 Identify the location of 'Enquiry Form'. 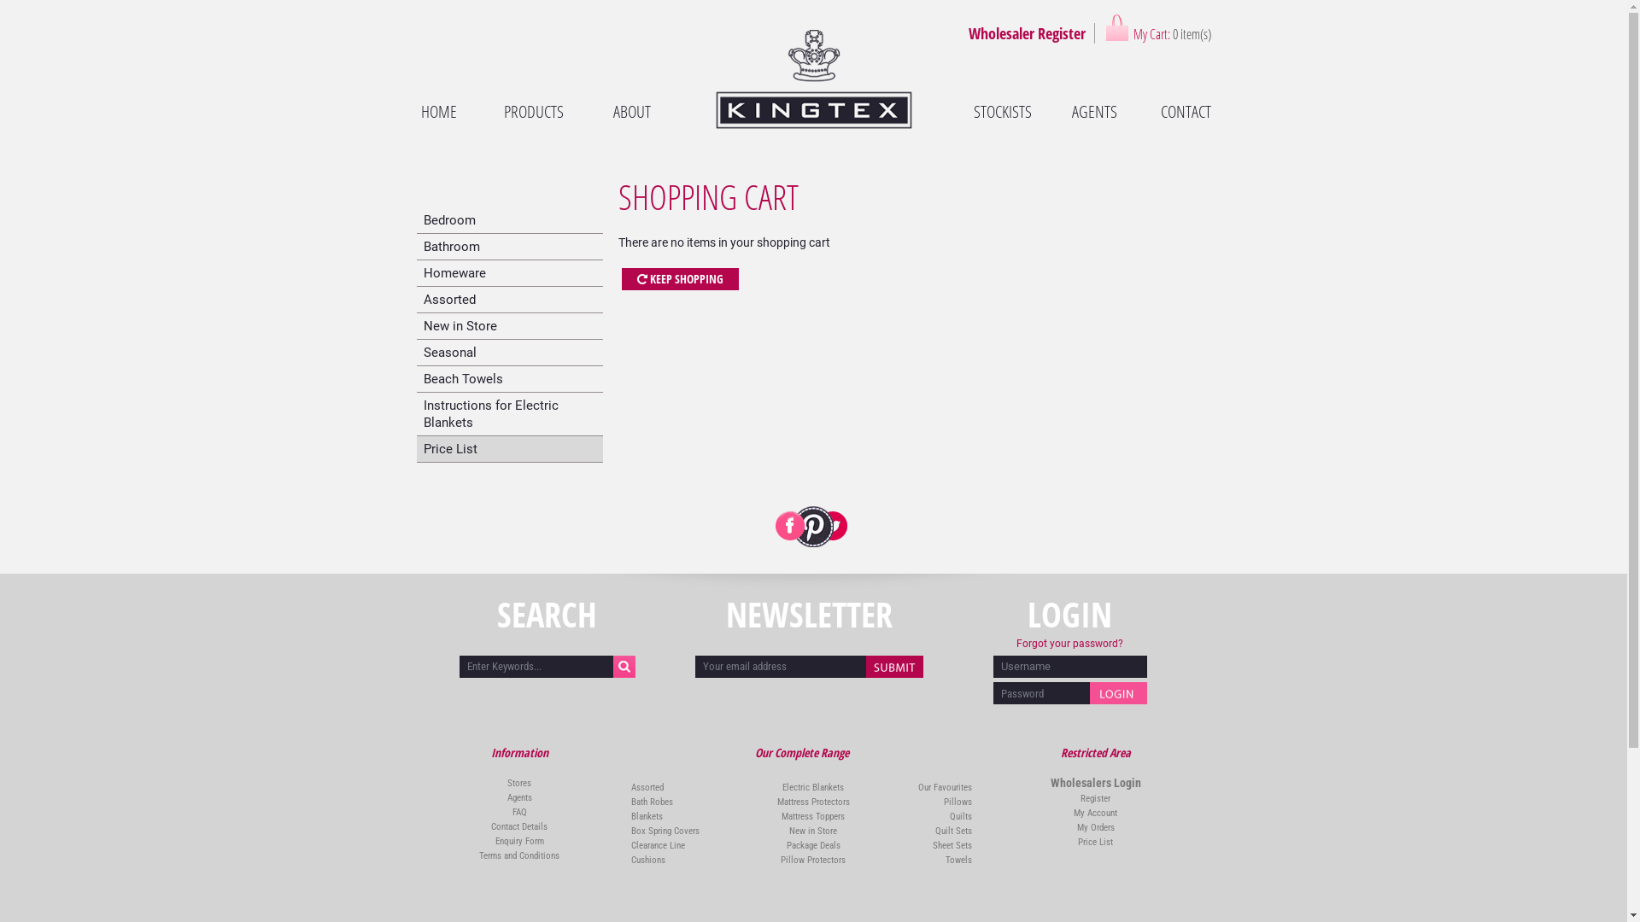
(518, 840).